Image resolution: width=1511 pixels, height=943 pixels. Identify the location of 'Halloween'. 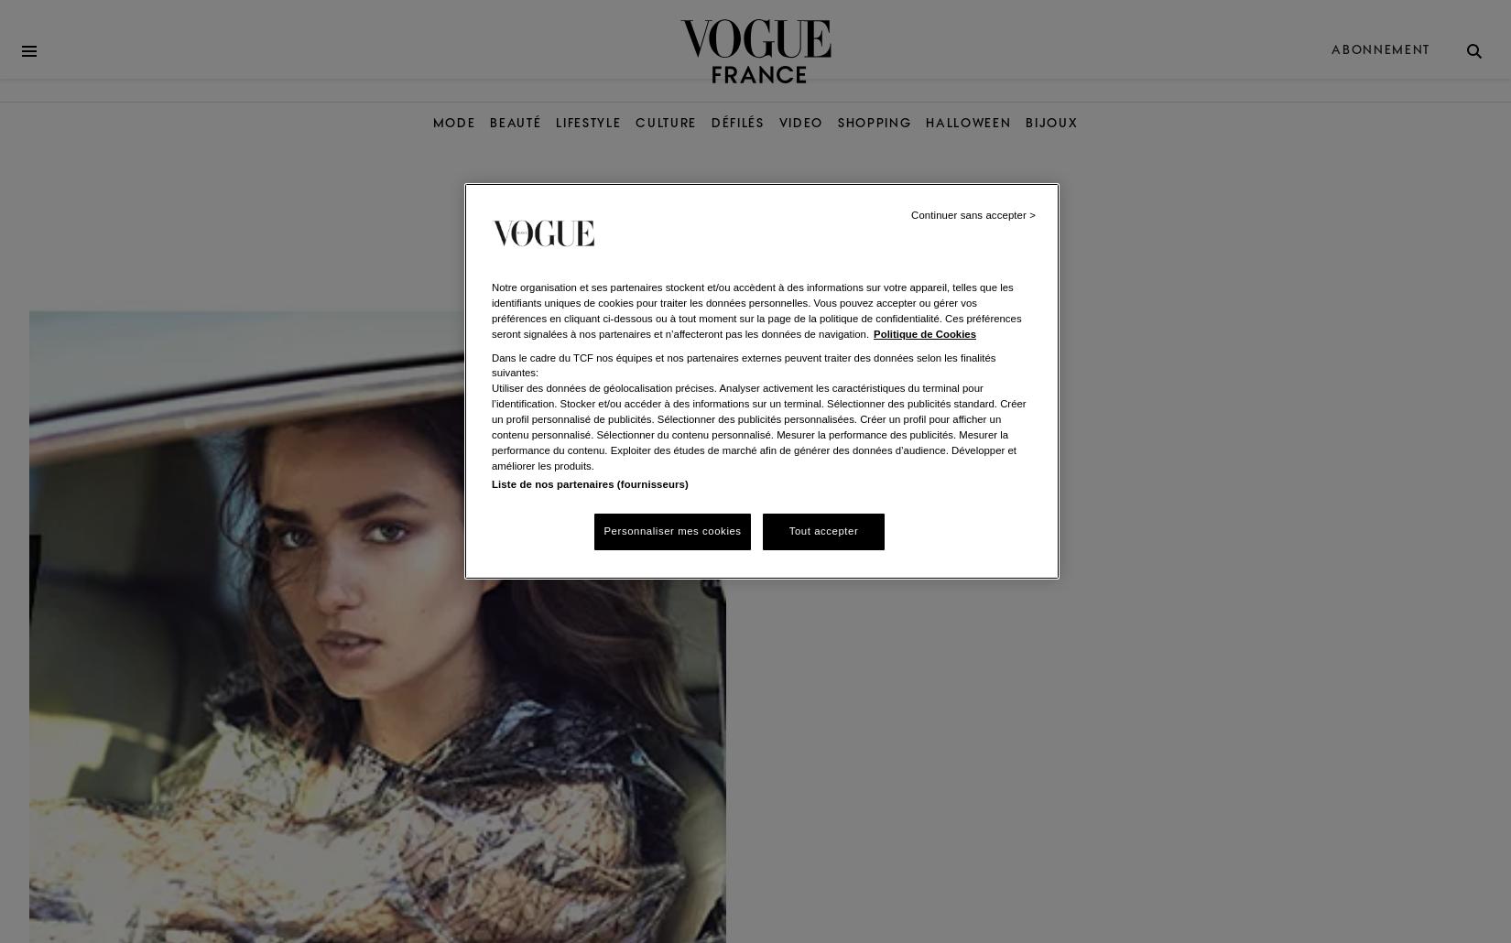
(968, 122).